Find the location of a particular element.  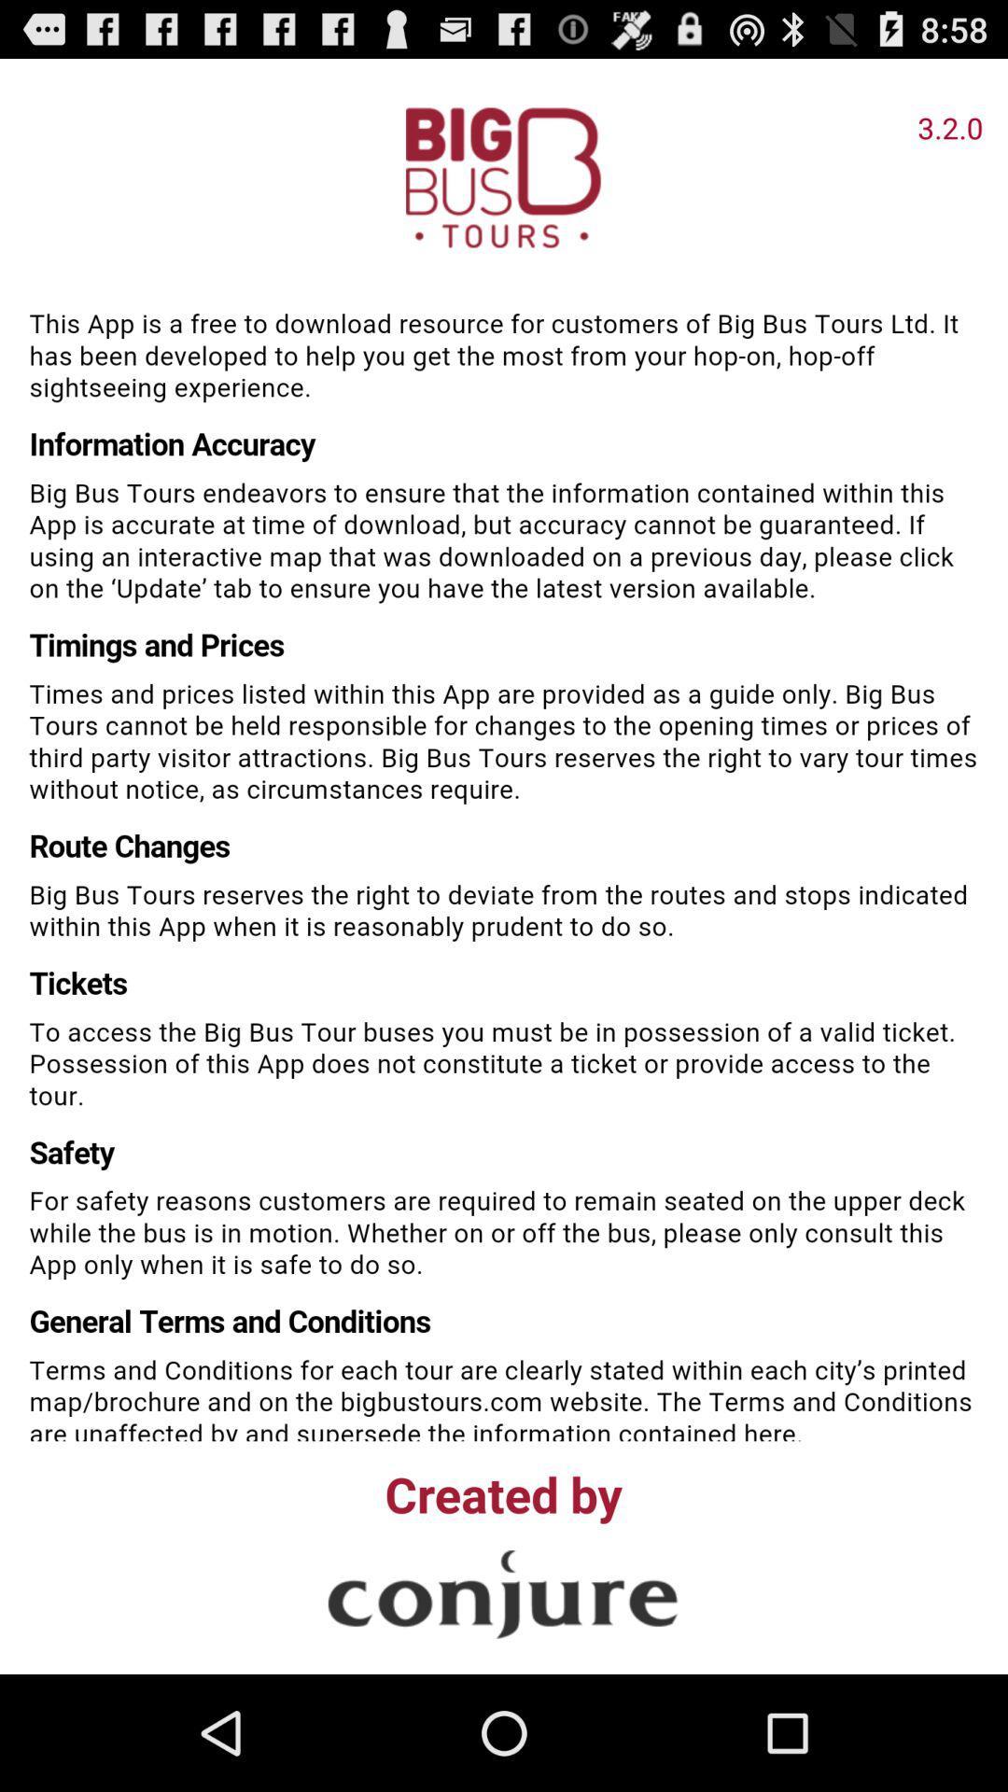

click conjure is located at coordinates (502, 1593).